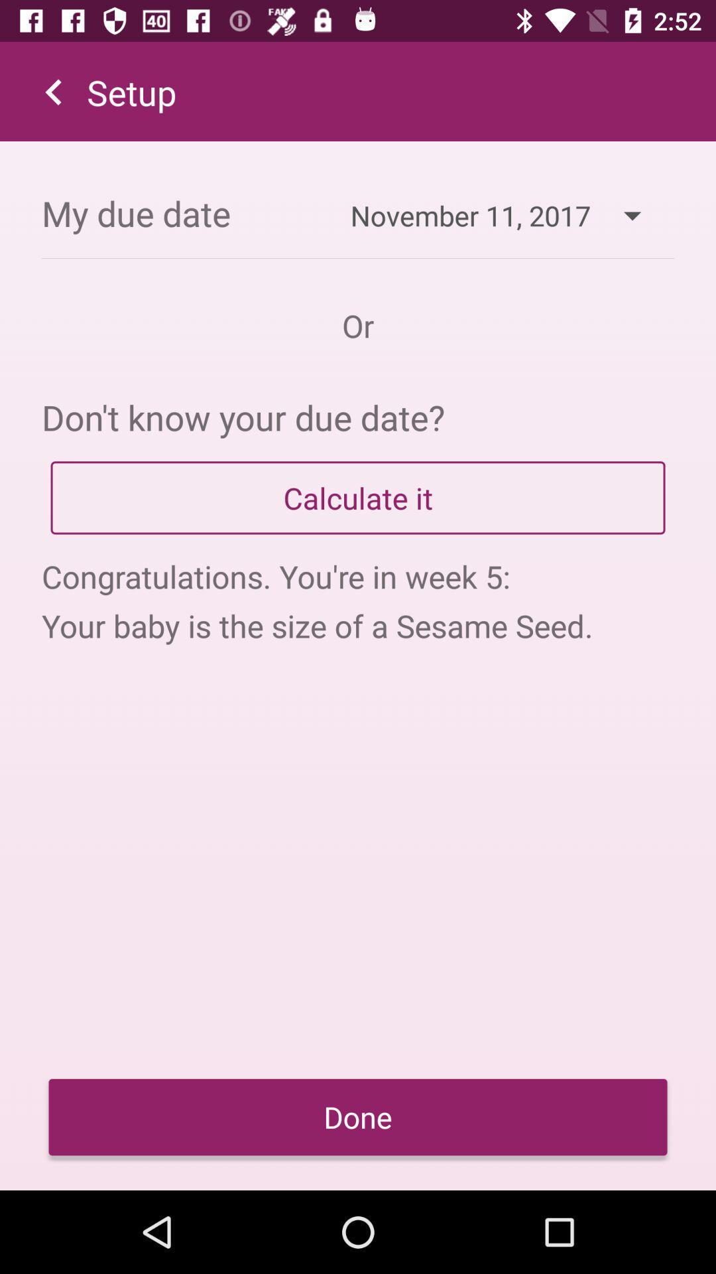 This screenshot has width=716, height=1274. Describe the element at coordinates (358, 497) in the screenshot. I see `calculate it icon` at that location.